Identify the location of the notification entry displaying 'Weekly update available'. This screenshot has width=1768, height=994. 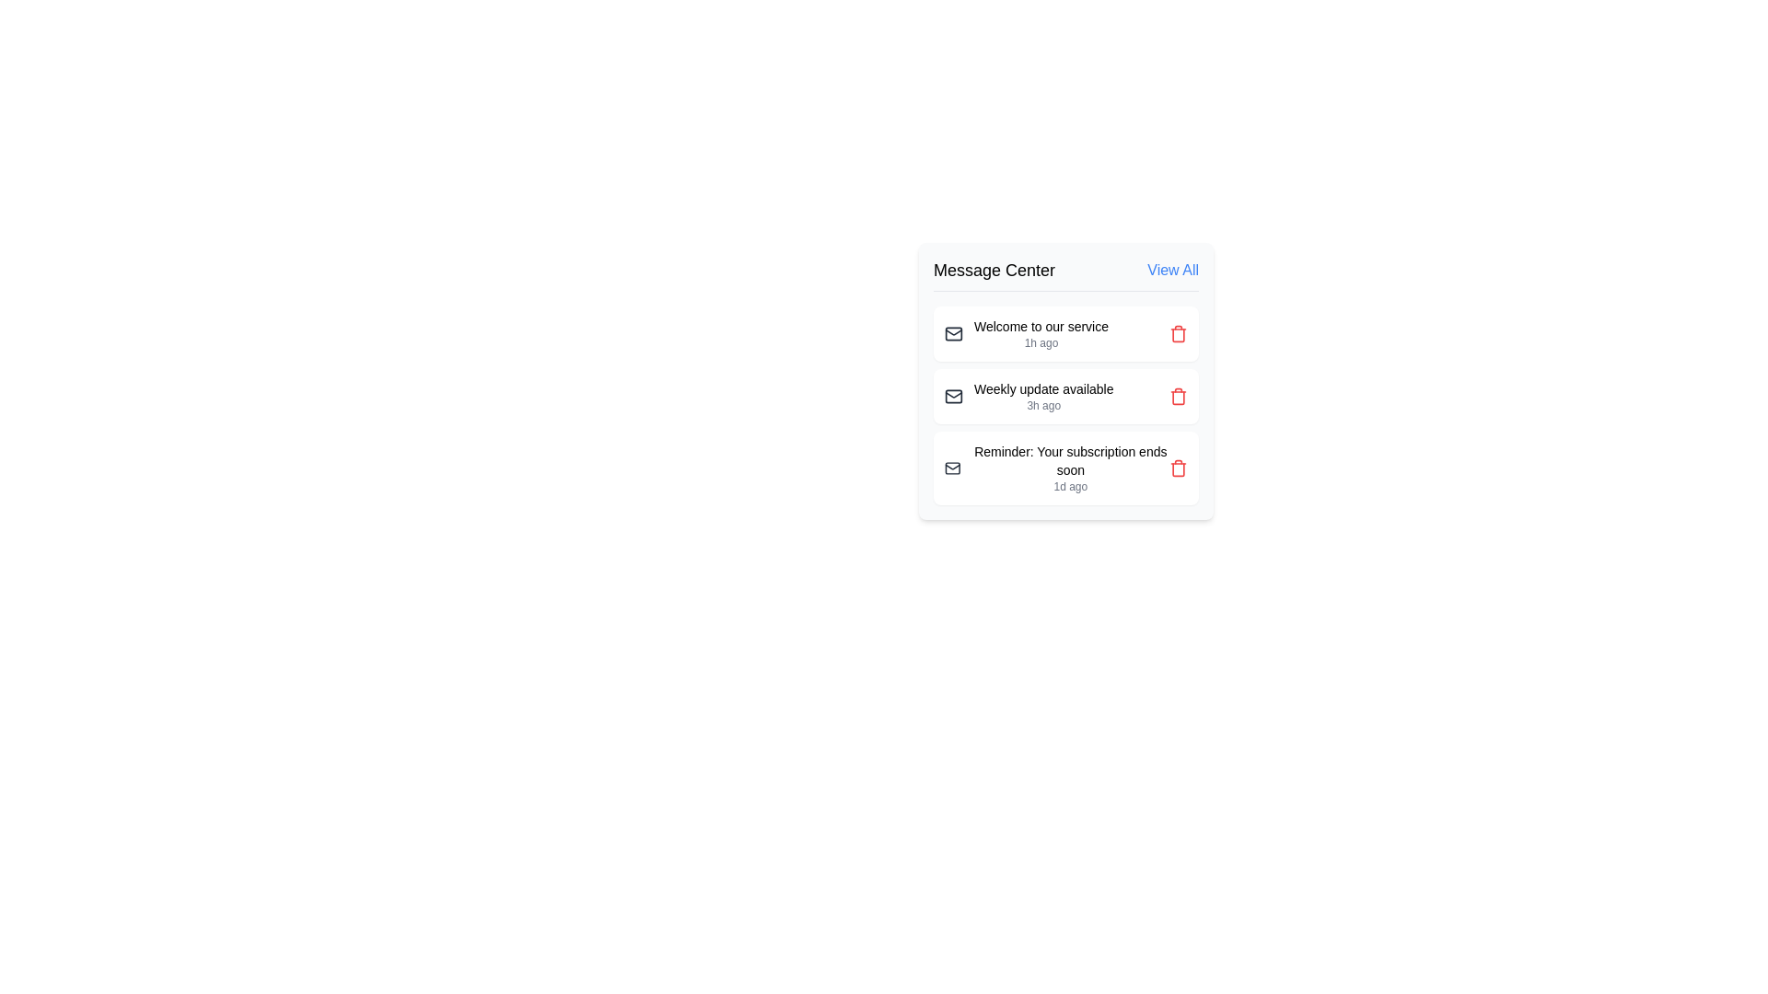
(1043, 396).